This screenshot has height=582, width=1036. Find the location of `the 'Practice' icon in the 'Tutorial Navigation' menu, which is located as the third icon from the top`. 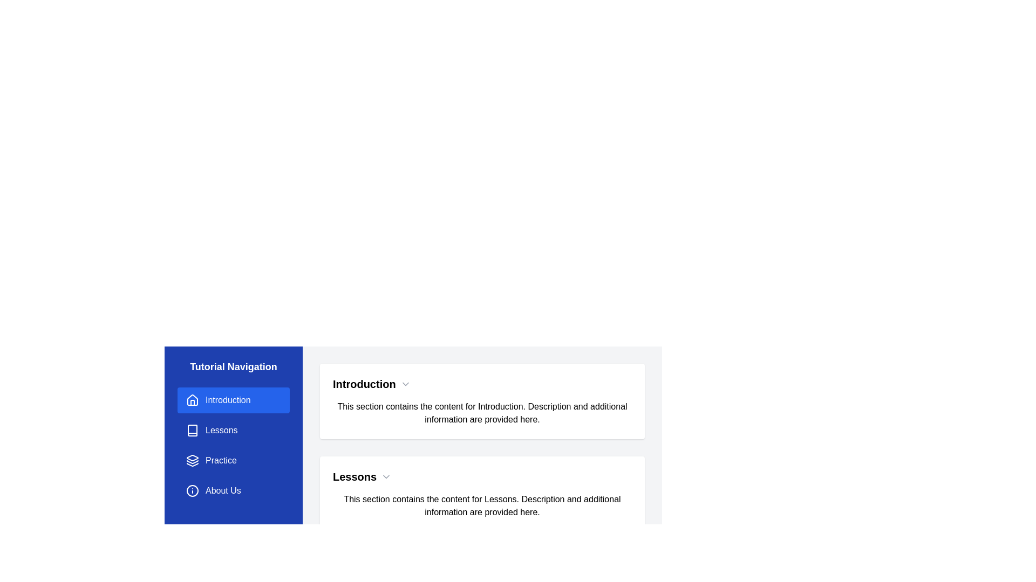

the 'Practice' icon in the 'Tutorial Navigation' menu, which is located as the third icon from the top is located at coordinates (192, 458).